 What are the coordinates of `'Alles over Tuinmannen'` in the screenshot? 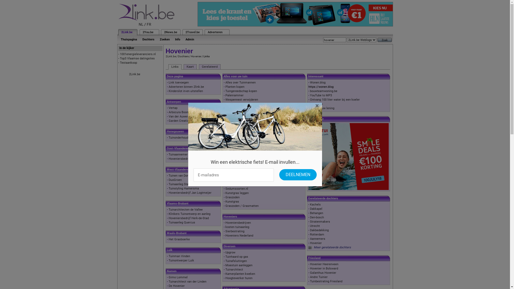 It's located at (240, 82).